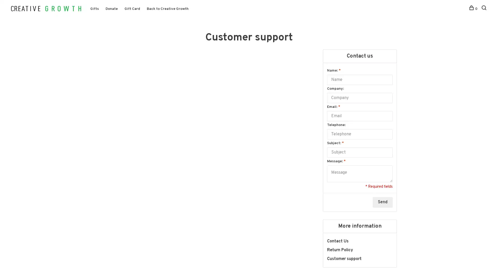 The image size is (498, 280). Describe the element at coordinates (383, 206) in the screenshot. I see `Send` at that location.